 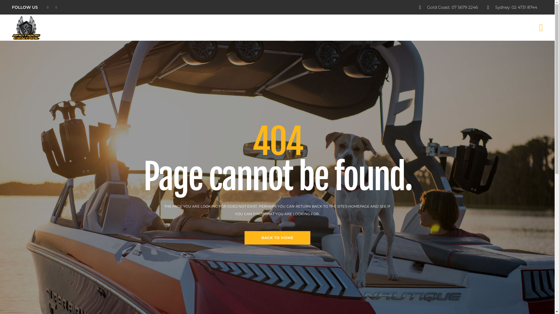 What do you see at coordinates (277, 238) in the screenshot?
I see `'BACK TO HOME'` at bounding box center [277, 238].